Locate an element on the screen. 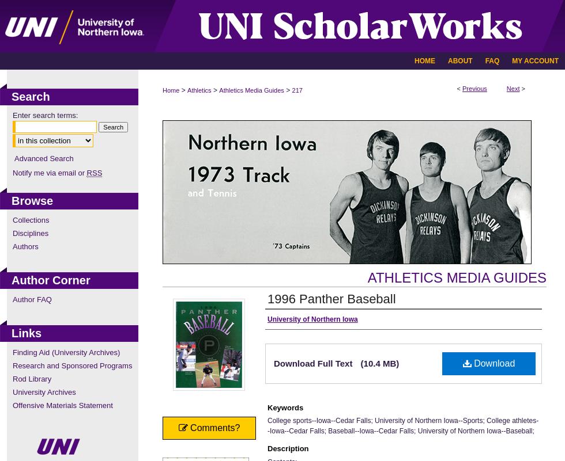 This screenshot has width=565, height=461. 'Enter search terms:' is located at coordinates (45, 115).